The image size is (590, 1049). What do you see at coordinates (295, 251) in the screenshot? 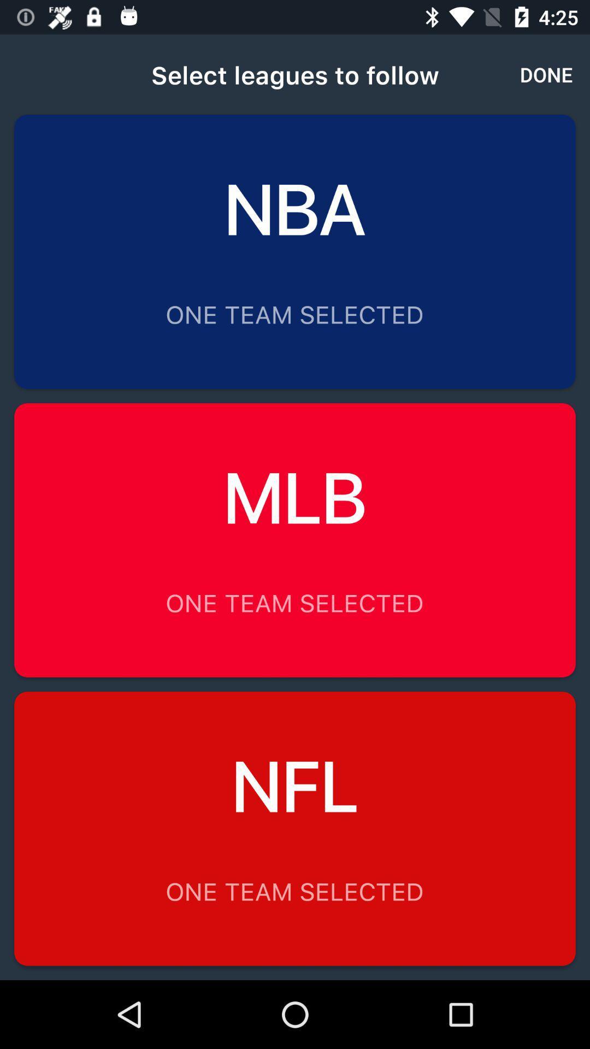
I see `option above mlb option` at bounding box center [295, 251].